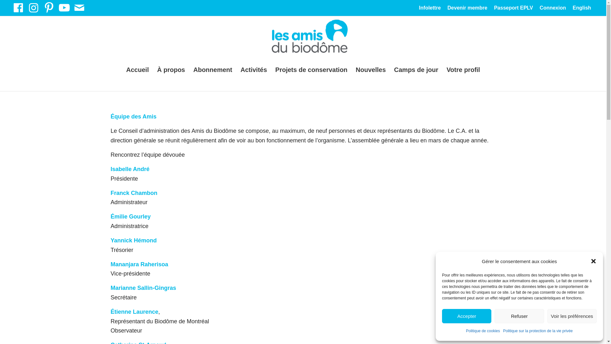  Describe the element at coordinates (64, 7) in the screenshot. I see `'Youtube1'` at that location.